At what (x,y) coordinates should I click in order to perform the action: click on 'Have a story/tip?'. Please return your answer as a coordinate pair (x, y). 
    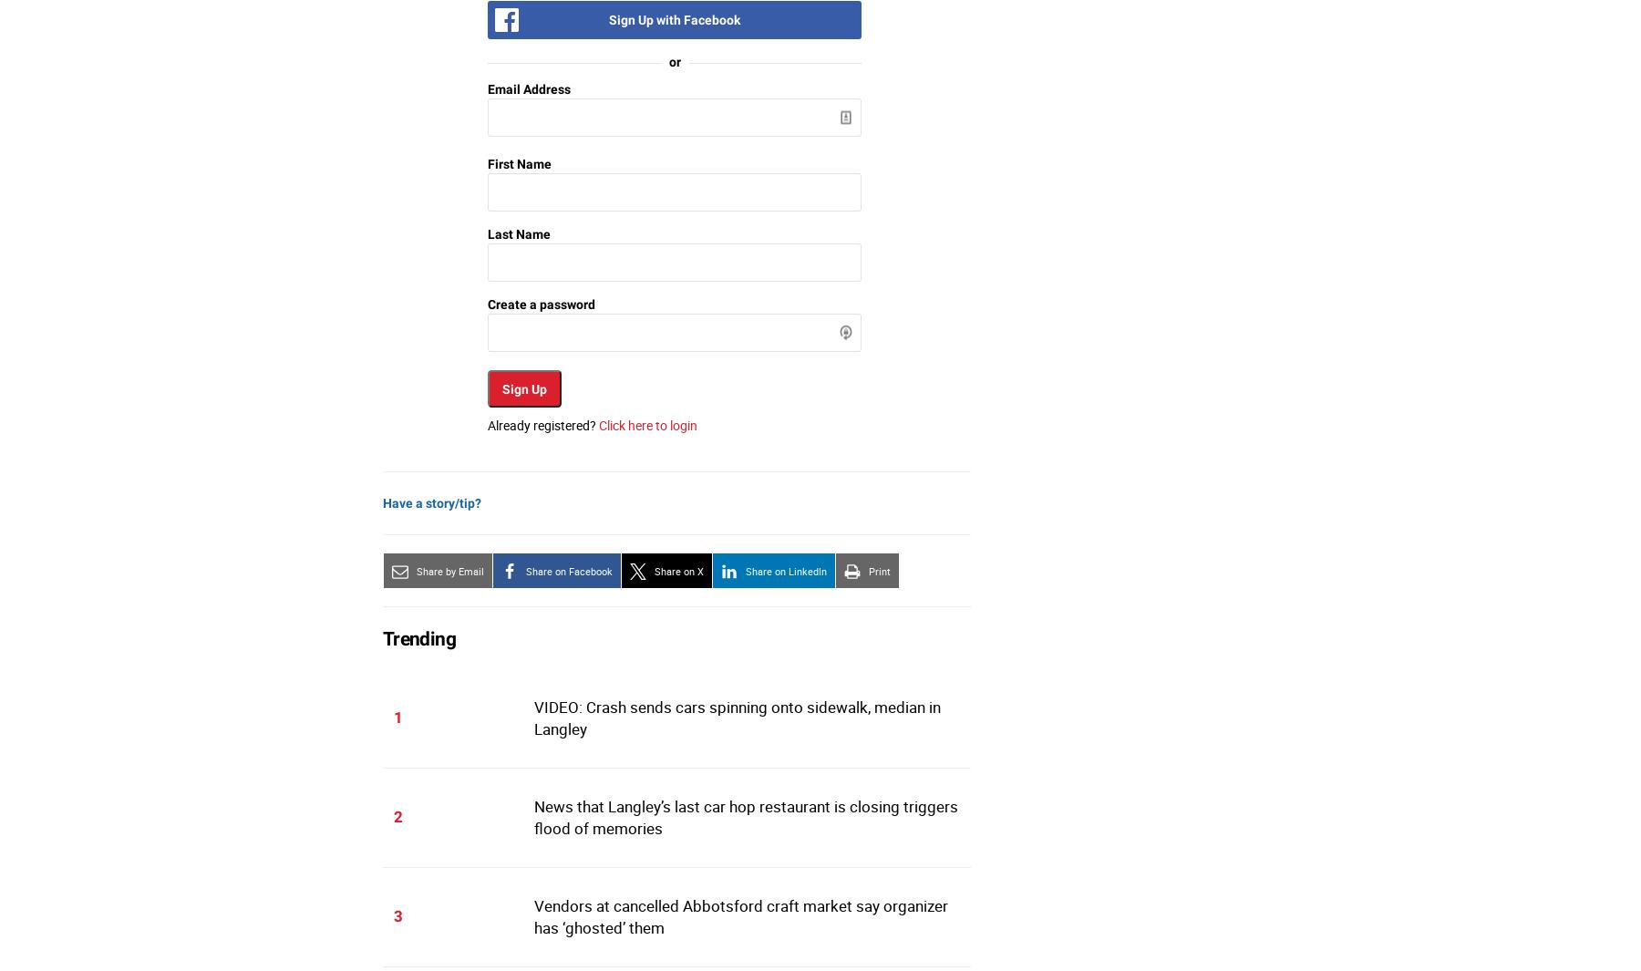
    Looking at the image, I should click on (430, 502).